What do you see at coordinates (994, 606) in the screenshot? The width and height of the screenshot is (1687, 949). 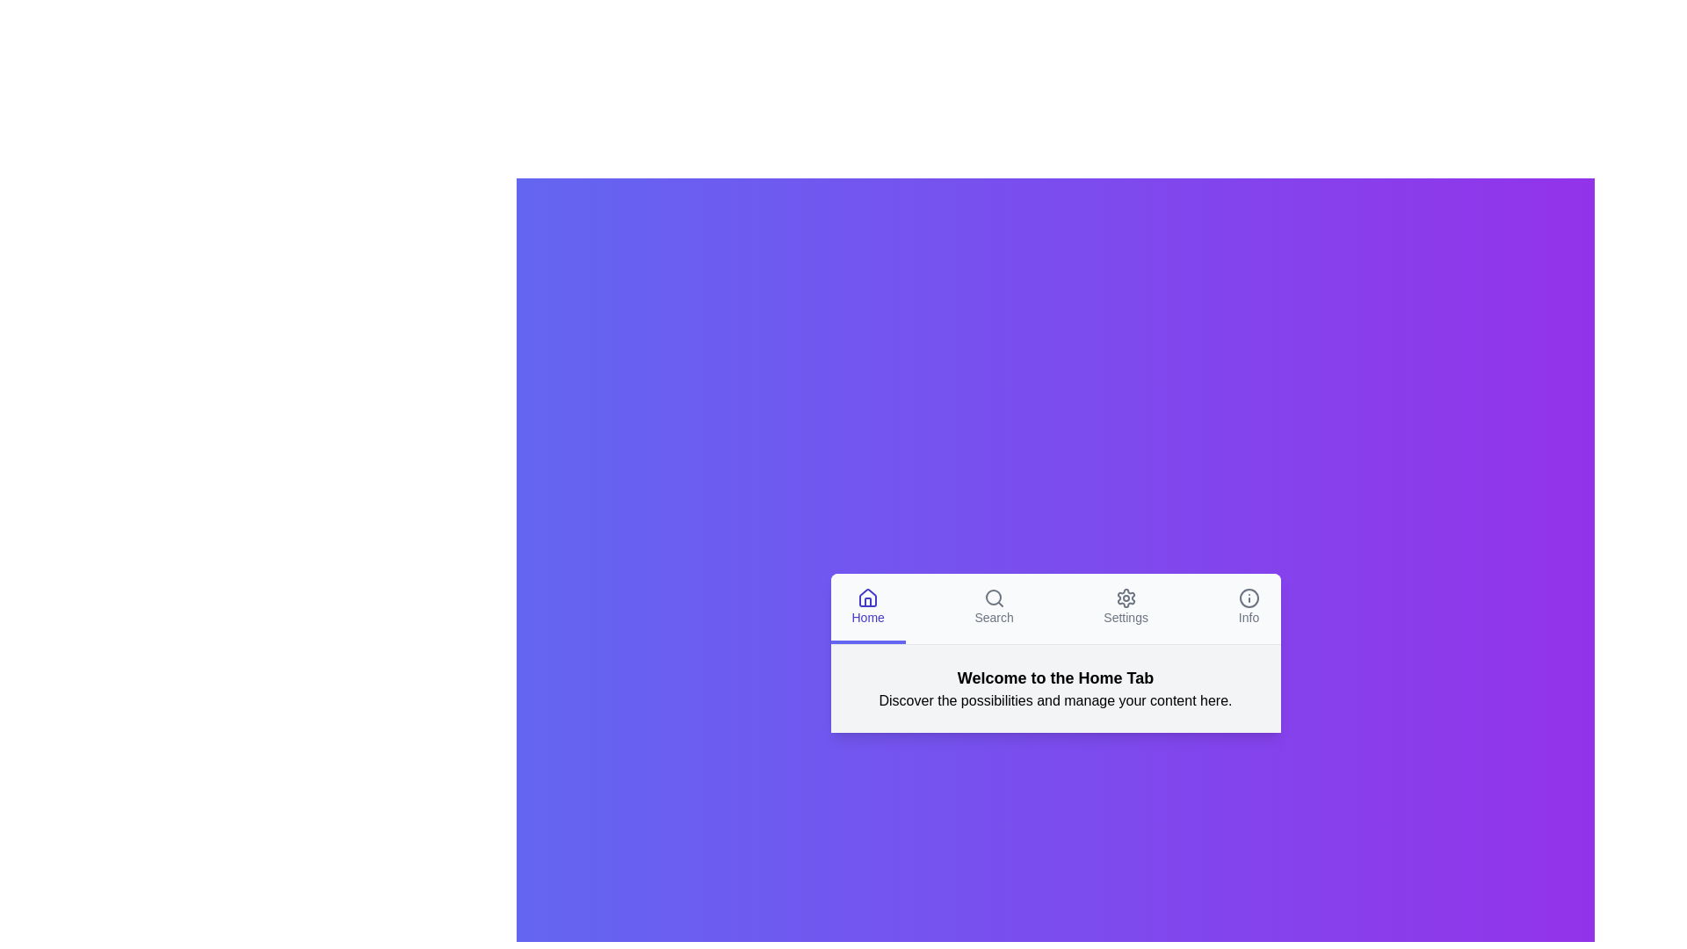 I see `the 'Search' navigation button, which features a magnifying glass icon and is located in the second position from the left within the navigation bar` at bounding box center [994, 606].